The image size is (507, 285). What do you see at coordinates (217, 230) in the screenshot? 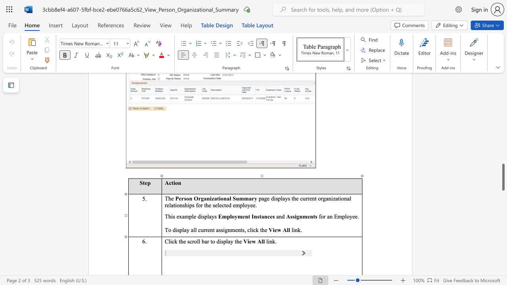
I see `the 4th character "a" in the text` at bounding box center [217, 230].